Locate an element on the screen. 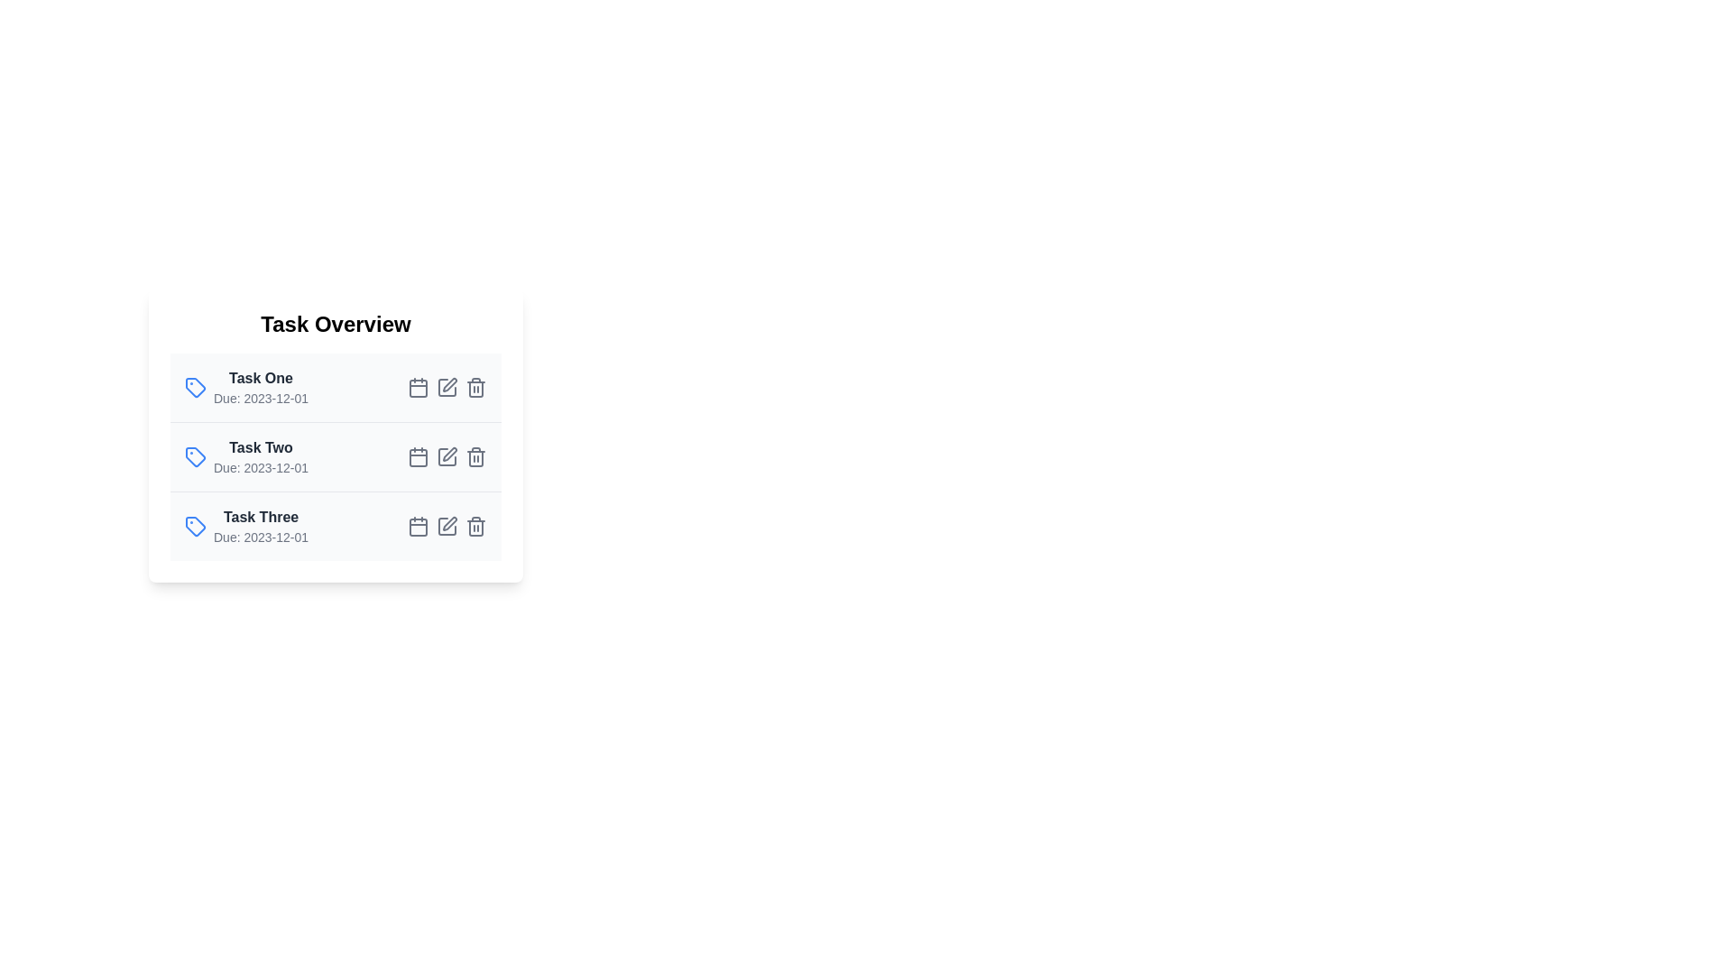  the edit button represented by a pen-shaped icon located in the far-right portion of the UI for Task Three to initiate task editing is located at coordinates (450, 524).